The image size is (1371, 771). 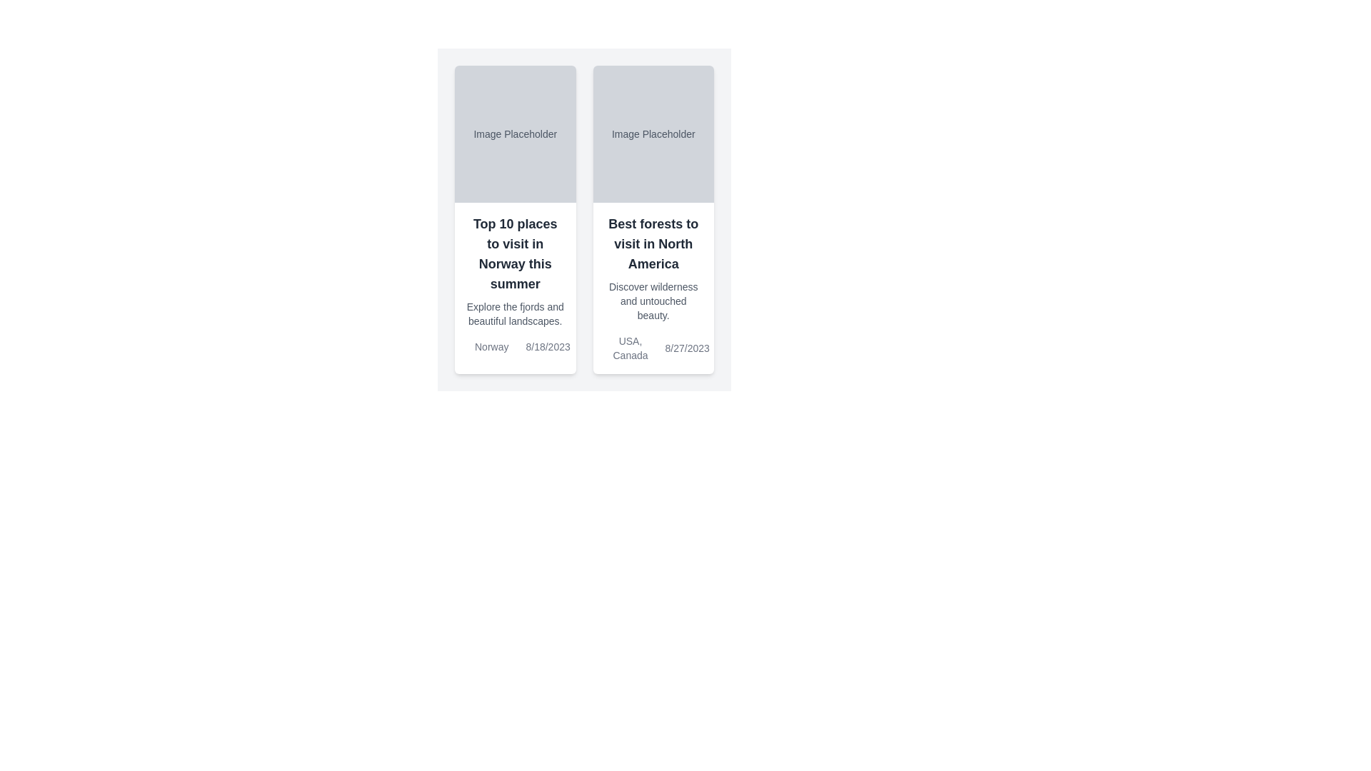 What do you see at coordinates (687, 348) in the screenshot?
I see `the date display located in the lower right part of the card layout containing the text 'Best forests to visit in North America.'` at bounding box center [687, 348].